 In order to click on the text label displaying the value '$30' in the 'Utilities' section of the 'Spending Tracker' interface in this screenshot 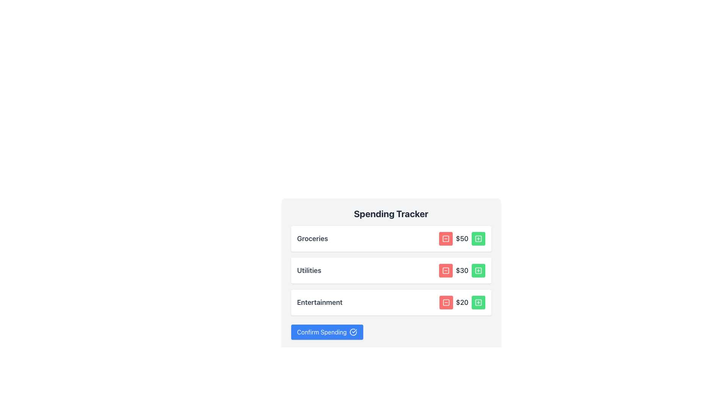, I will do `click(461, 270)`.